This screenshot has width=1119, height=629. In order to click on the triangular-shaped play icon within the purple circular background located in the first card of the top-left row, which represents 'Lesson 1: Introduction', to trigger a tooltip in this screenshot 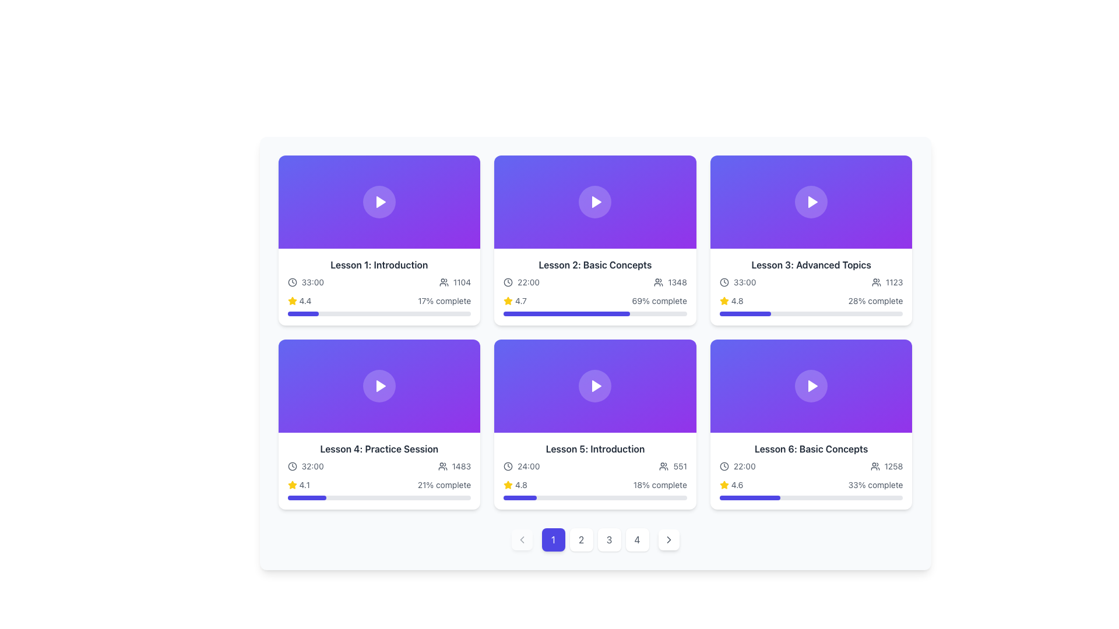, I will do `click(381, 202)`.